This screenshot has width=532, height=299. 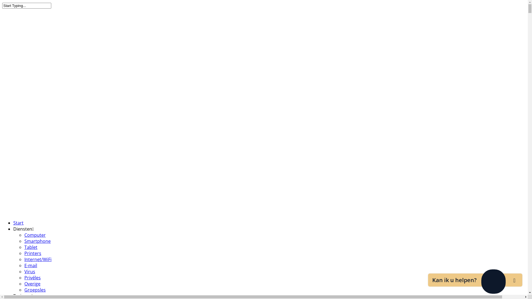 What do you see at coordinates (35, 235) in the screenshot?
I see `'Computer'` at bounding box center [35, 235].